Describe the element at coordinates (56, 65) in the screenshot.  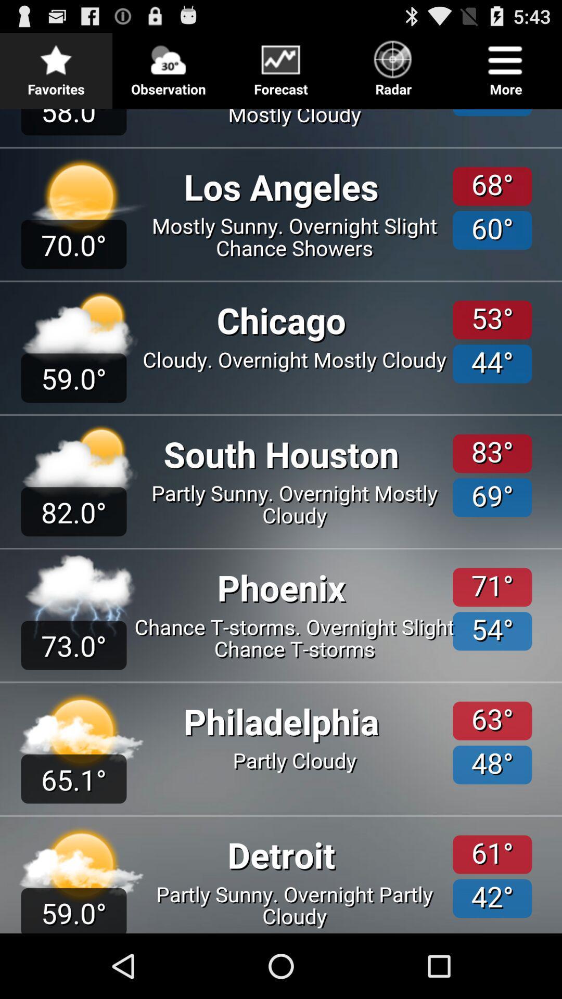
I see `the favorites icon` at that location.